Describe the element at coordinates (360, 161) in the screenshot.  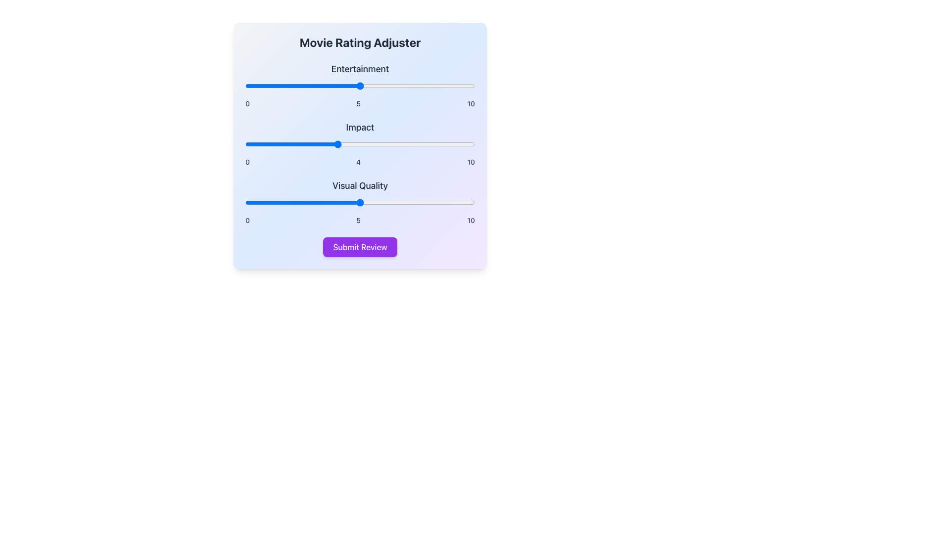
I see `the text label displaying the number '0410', which is located below the 'Impact' slider component and consists of the digits '0', '4', and '10' spaced apart horizontally` at that location.